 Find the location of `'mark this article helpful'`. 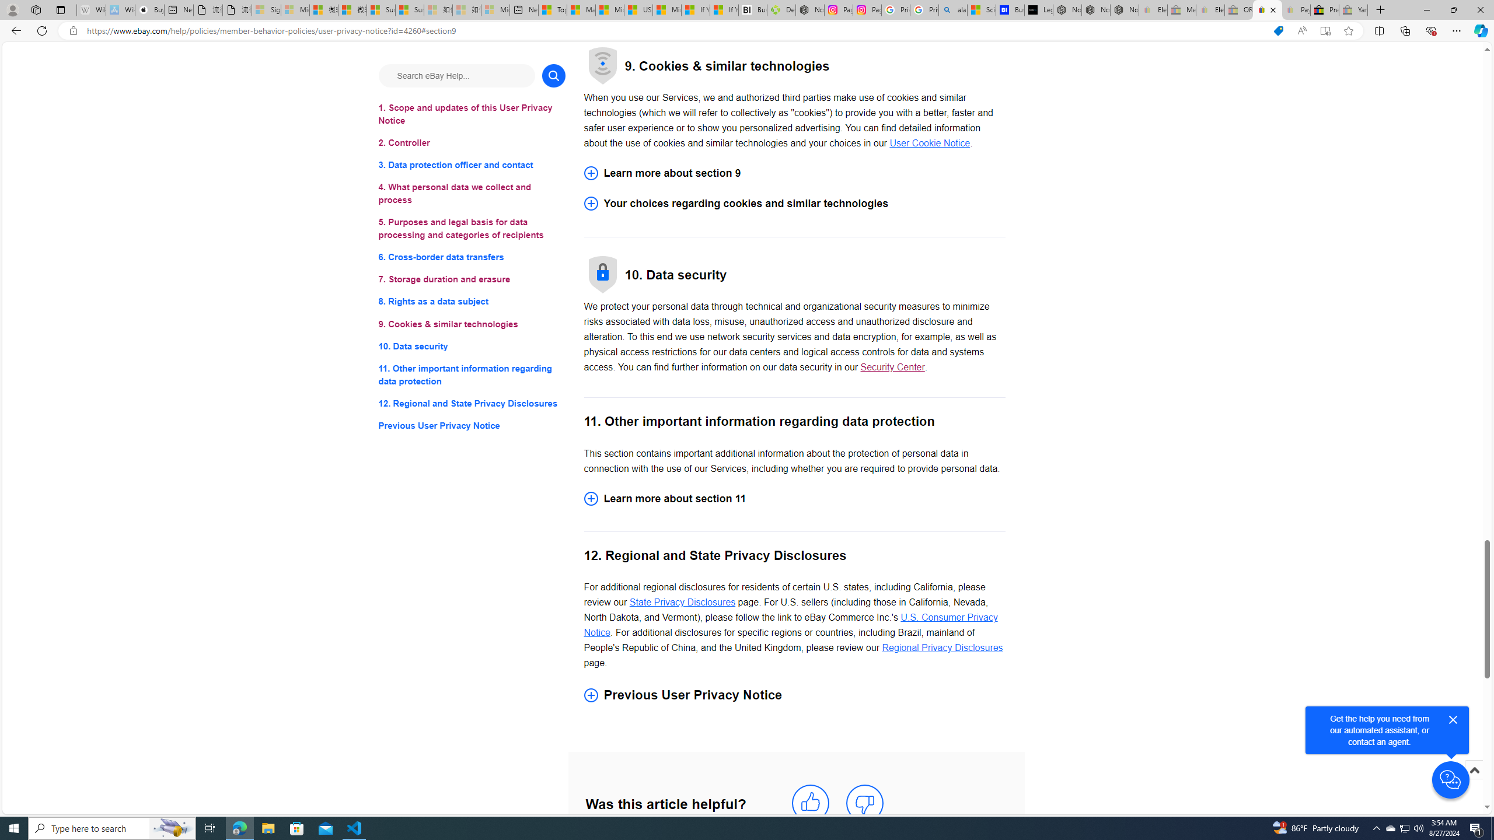

'mark this article helpful' is located at coordinates (809, 802).